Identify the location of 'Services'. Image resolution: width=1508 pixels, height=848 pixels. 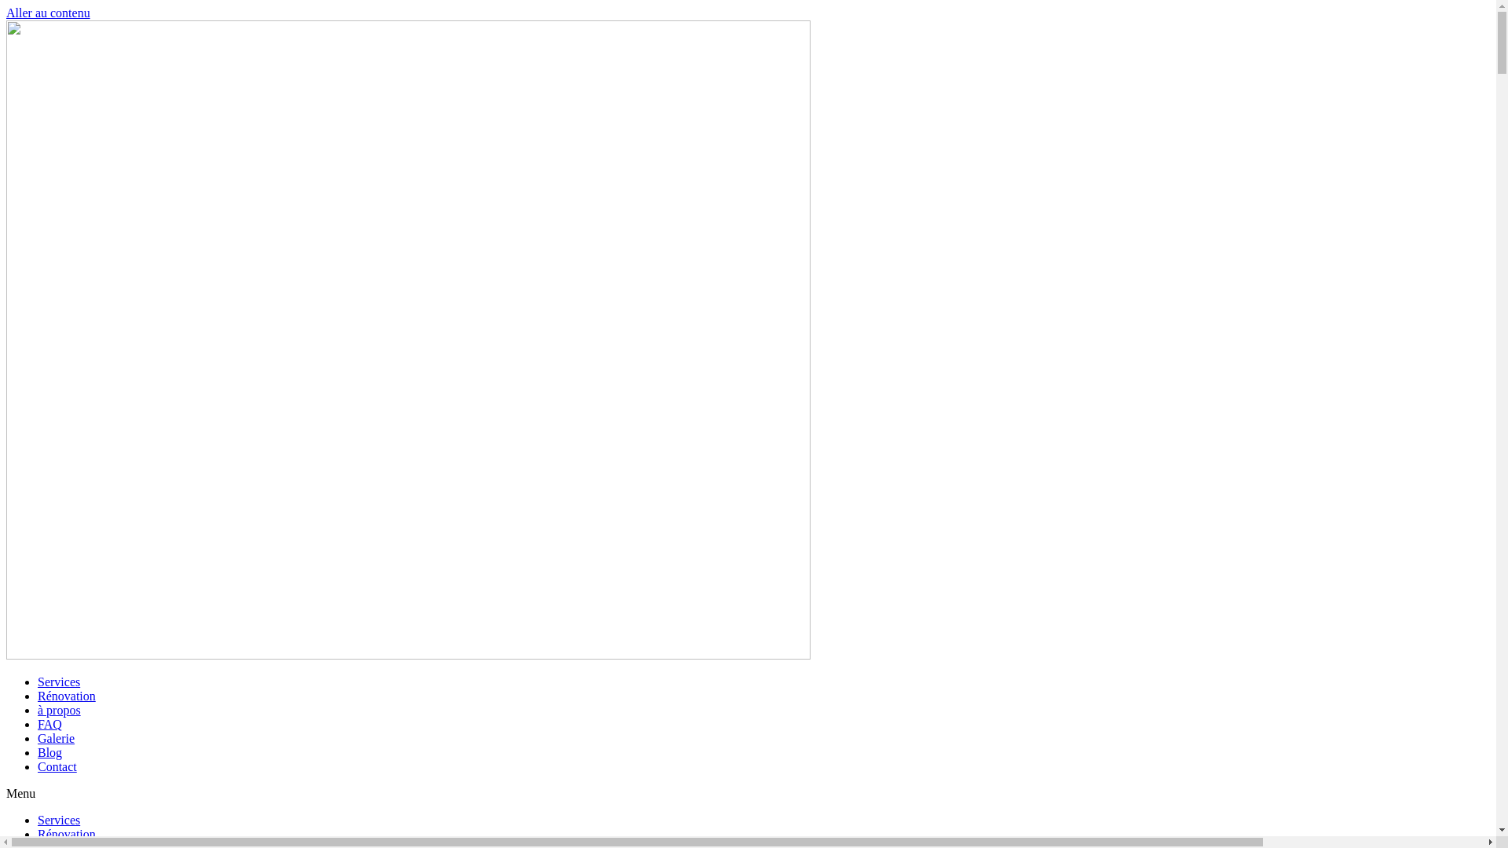
(59, 681).